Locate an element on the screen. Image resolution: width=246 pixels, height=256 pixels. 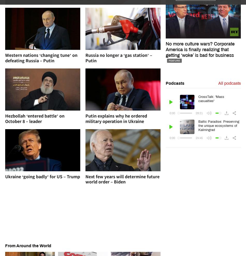
'24:45' is located at coordinates (199, 138).